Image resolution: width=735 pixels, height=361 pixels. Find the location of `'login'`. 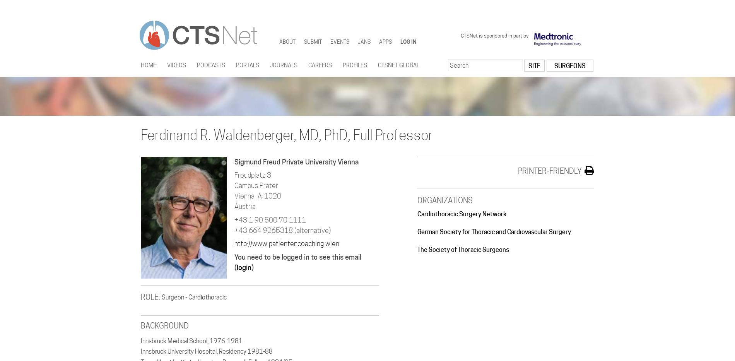

'login' is located at coordinates (244, 267).